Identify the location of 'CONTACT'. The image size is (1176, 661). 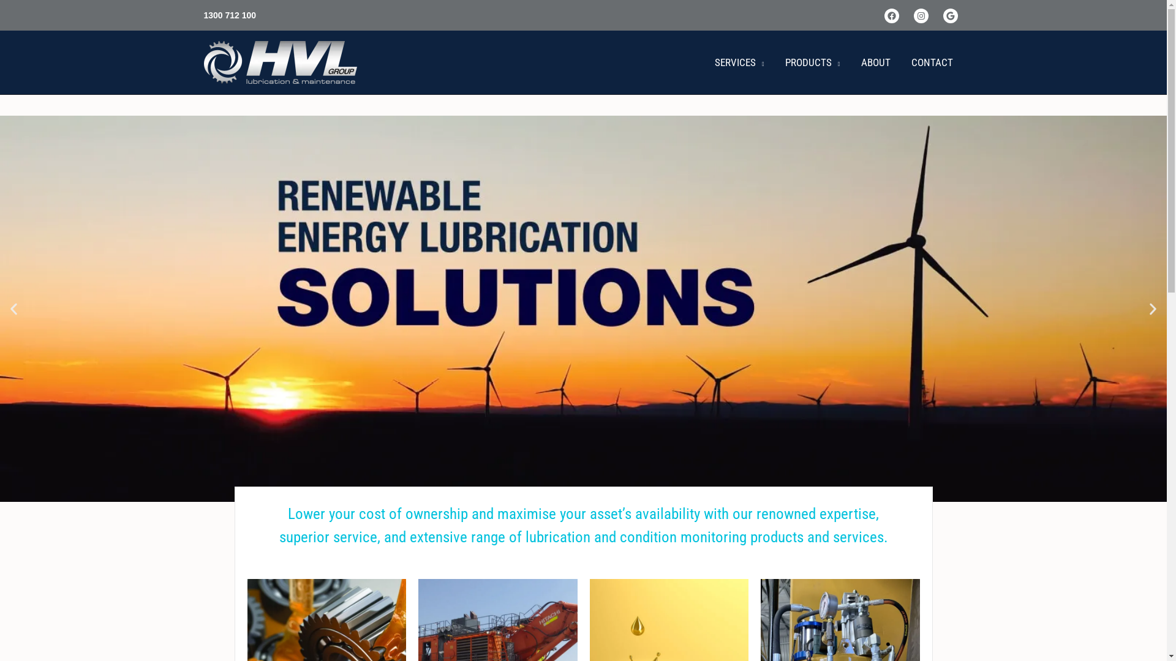
(931, 62).